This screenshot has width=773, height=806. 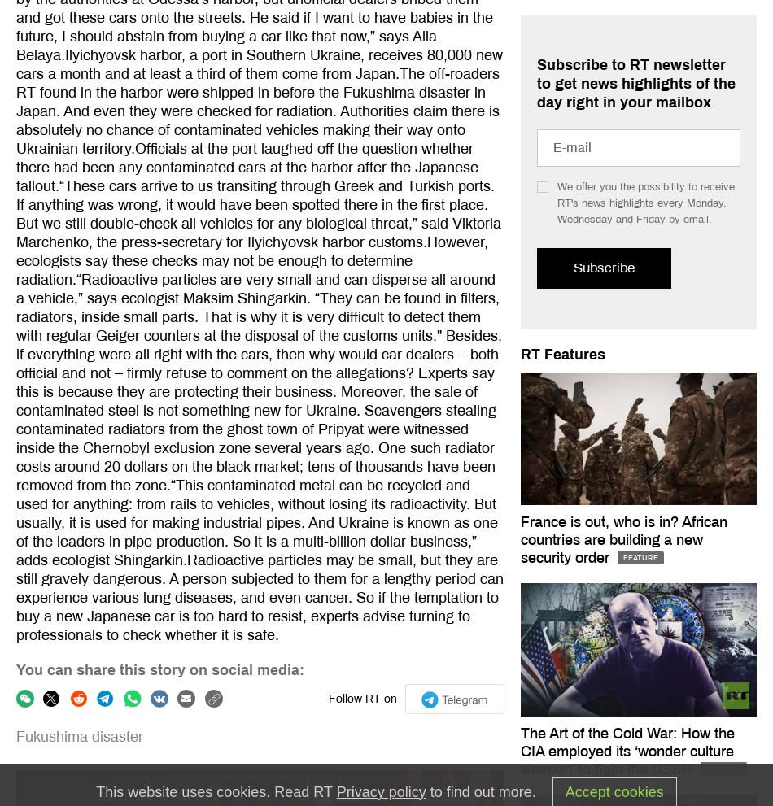 I want to click on 'You can share this story on social media:', so click(x=160, y=669).